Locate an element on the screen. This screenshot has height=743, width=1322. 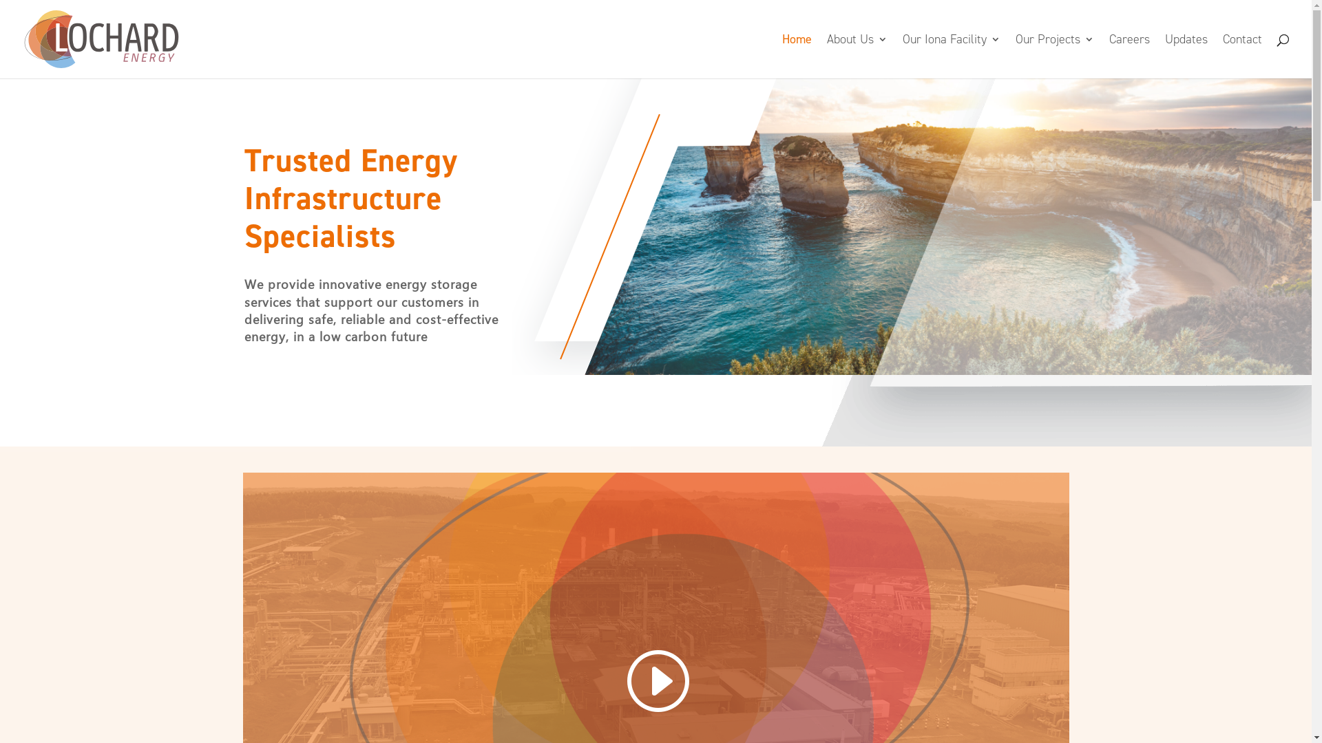
'Home' is located at coordinates (797, 55).